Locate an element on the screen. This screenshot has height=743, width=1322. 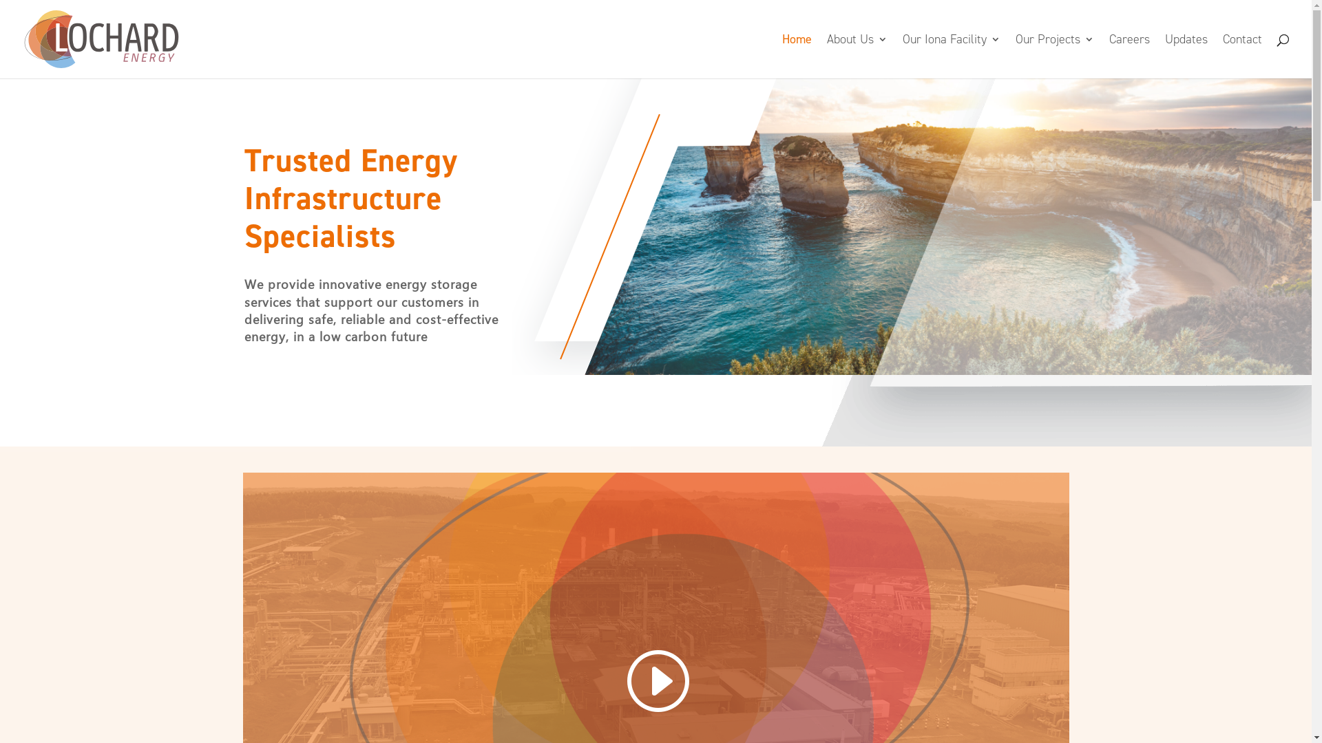
'Home' is located at coordinates (797, 55).